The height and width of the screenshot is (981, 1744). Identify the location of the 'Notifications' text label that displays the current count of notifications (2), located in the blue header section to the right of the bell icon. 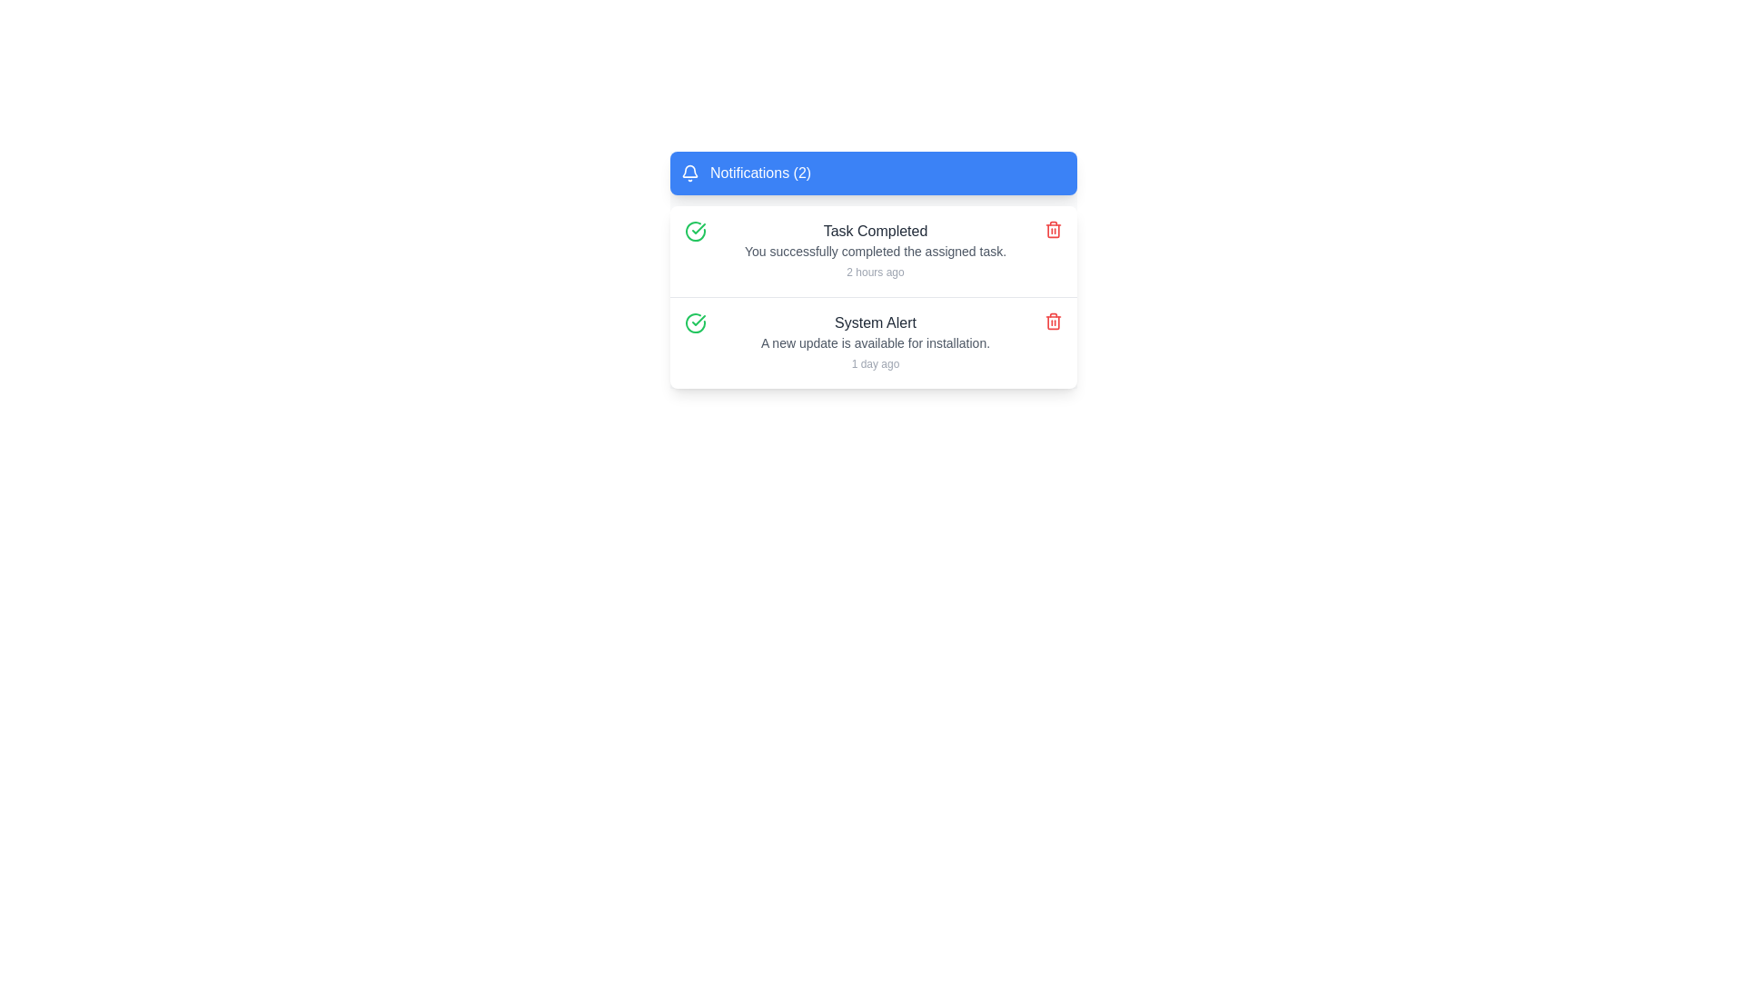
(760, 173).